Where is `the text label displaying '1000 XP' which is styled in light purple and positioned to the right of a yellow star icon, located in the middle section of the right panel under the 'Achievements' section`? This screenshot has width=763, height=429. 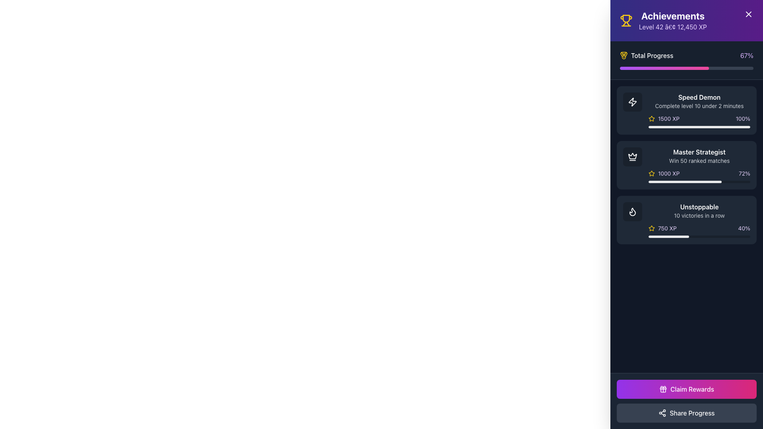
the text label displaying '1000 XP' which is styled in light purple and positioned to the right of a yellow star icon, located in the middle section of the right panel under the 'Achievements' section is located at coordinates (668, 173).